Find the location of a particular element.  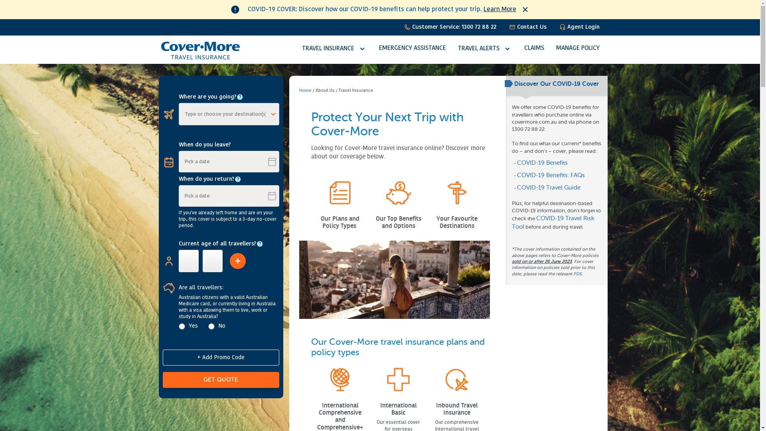

'Learn More' is located at coordinates (499, 9).